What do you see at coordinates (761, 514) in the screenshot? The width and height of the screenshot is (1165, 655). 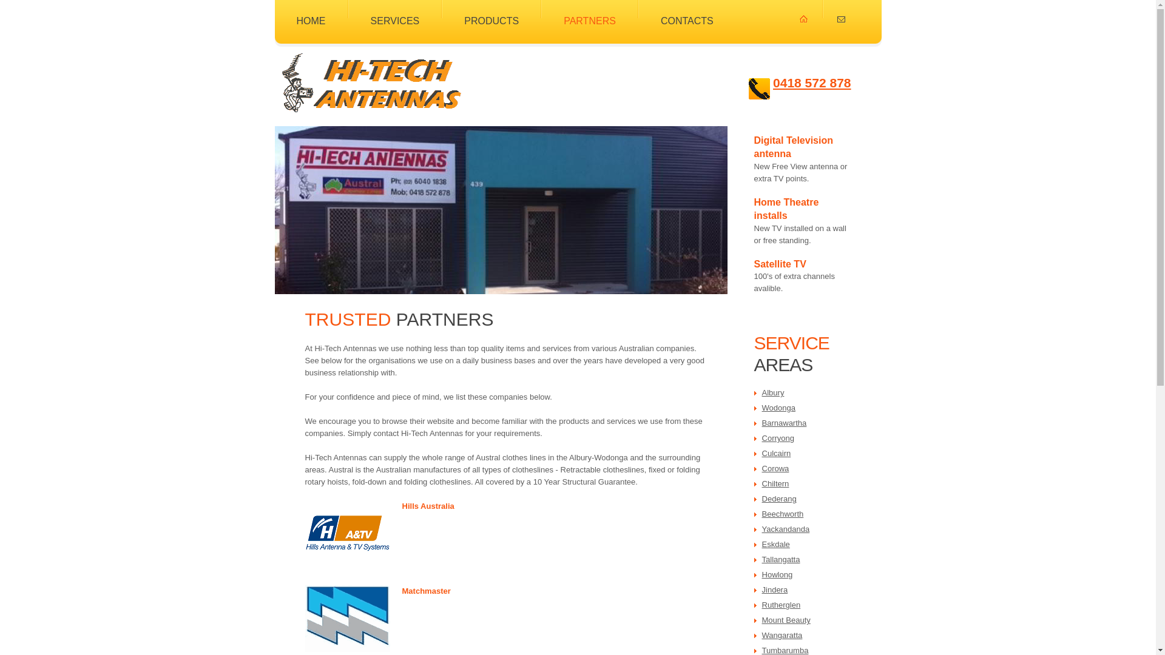 I see `'Beechworth'` at bounding box center [761, 514].